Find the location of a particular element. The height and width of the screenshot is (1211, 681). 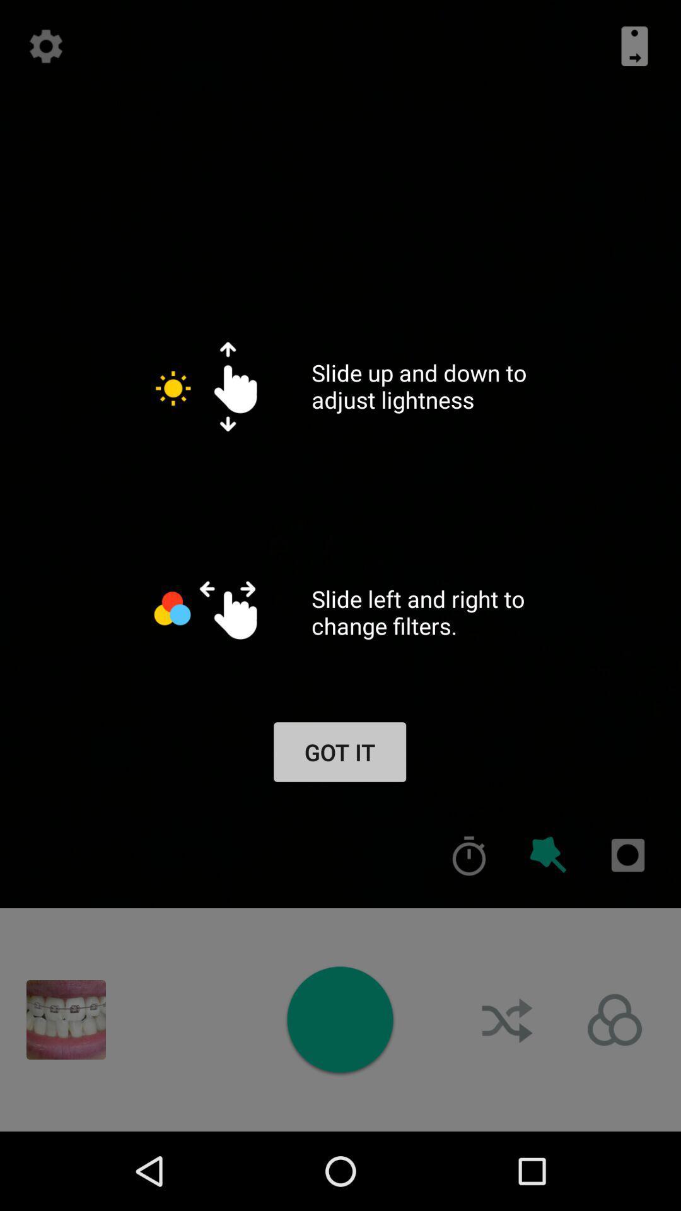

watch is located at coordinates (339, 1019).